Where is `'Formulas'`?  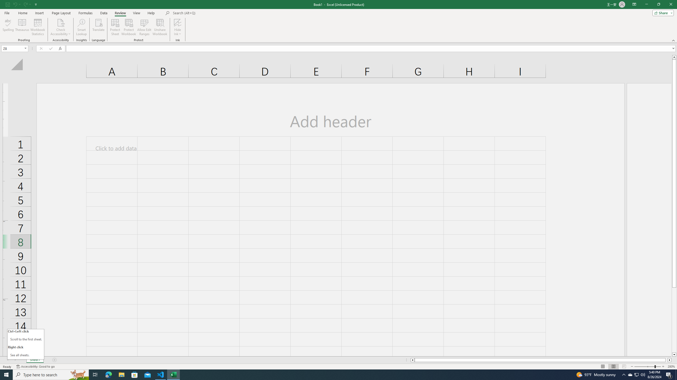
'Formulas' is located at coordinates (86, 13).